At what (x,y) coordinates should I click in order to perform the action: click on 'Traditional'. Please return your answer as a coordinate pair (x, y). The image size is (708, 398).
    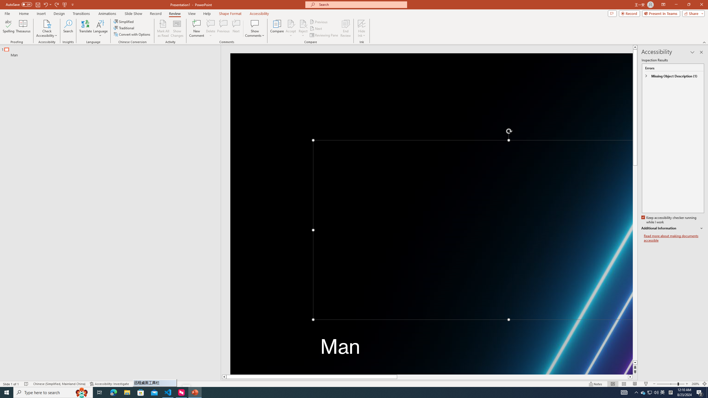
    Looking at the image, I should click on (124, 27).